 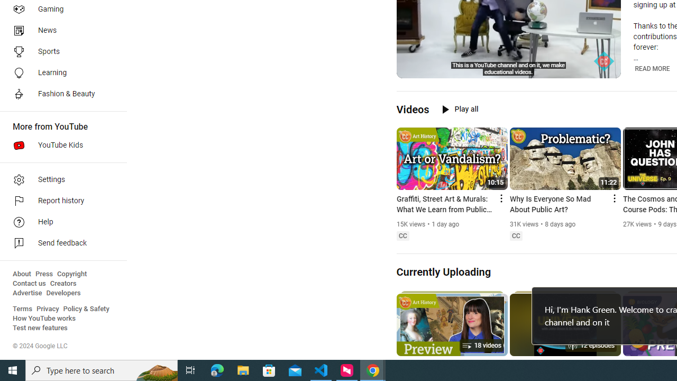 What do you see at coordinates (59, 72) in the screenshot?
I see `'Learning'` at bounding box center [59, 72].